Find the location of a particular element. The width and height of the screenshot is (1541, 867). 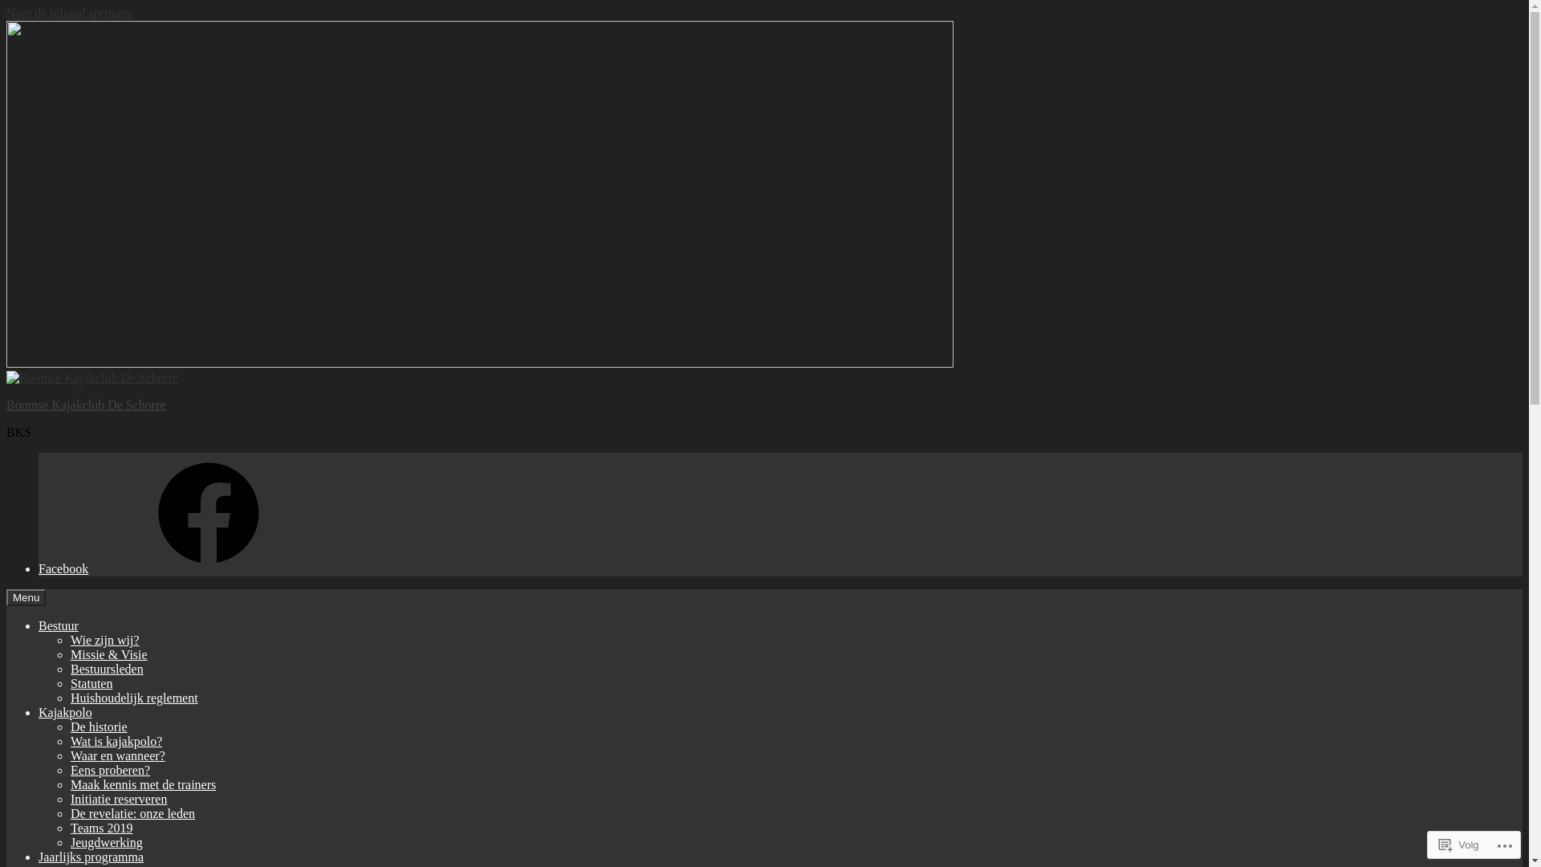

'Jeugdwerking' is located at coordinates (69, 841).